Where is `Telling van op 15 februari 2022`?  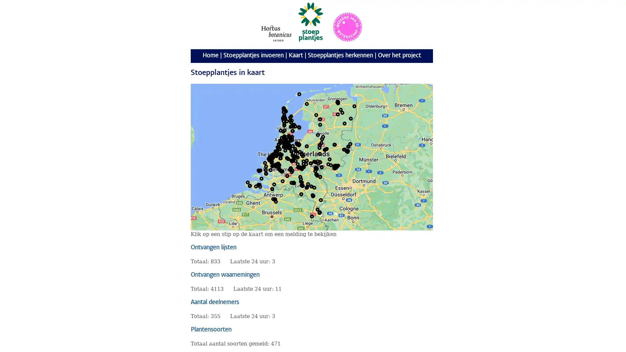 Telling van op 15 februari 2022 is located at coordinates (288, 147).